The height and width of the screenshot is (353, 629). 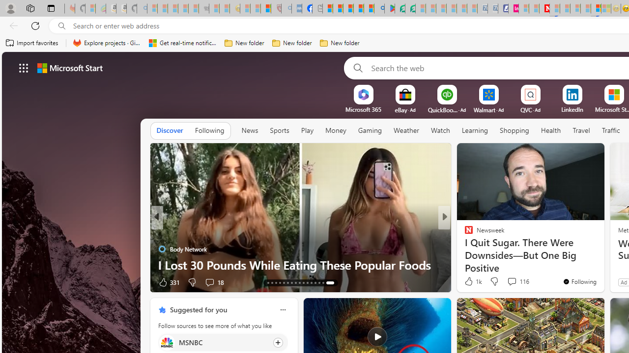 I want to click on 'AutomationID: tab-22', so click(x=303, y=283).